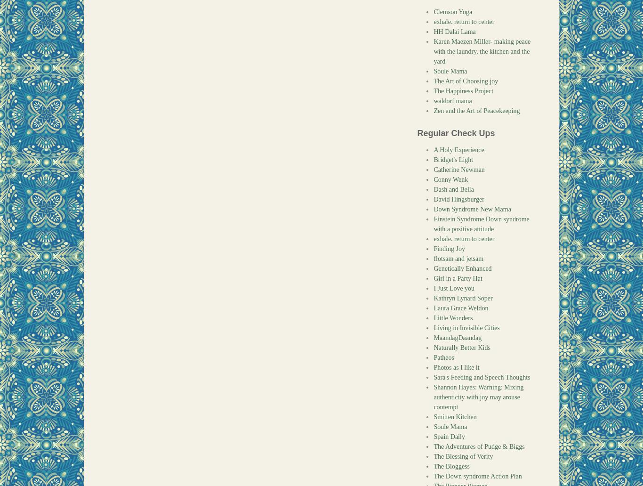 This screenshot has width=643, height=486. I want to click on 'Naturally Better Kids', so click(462, 347).